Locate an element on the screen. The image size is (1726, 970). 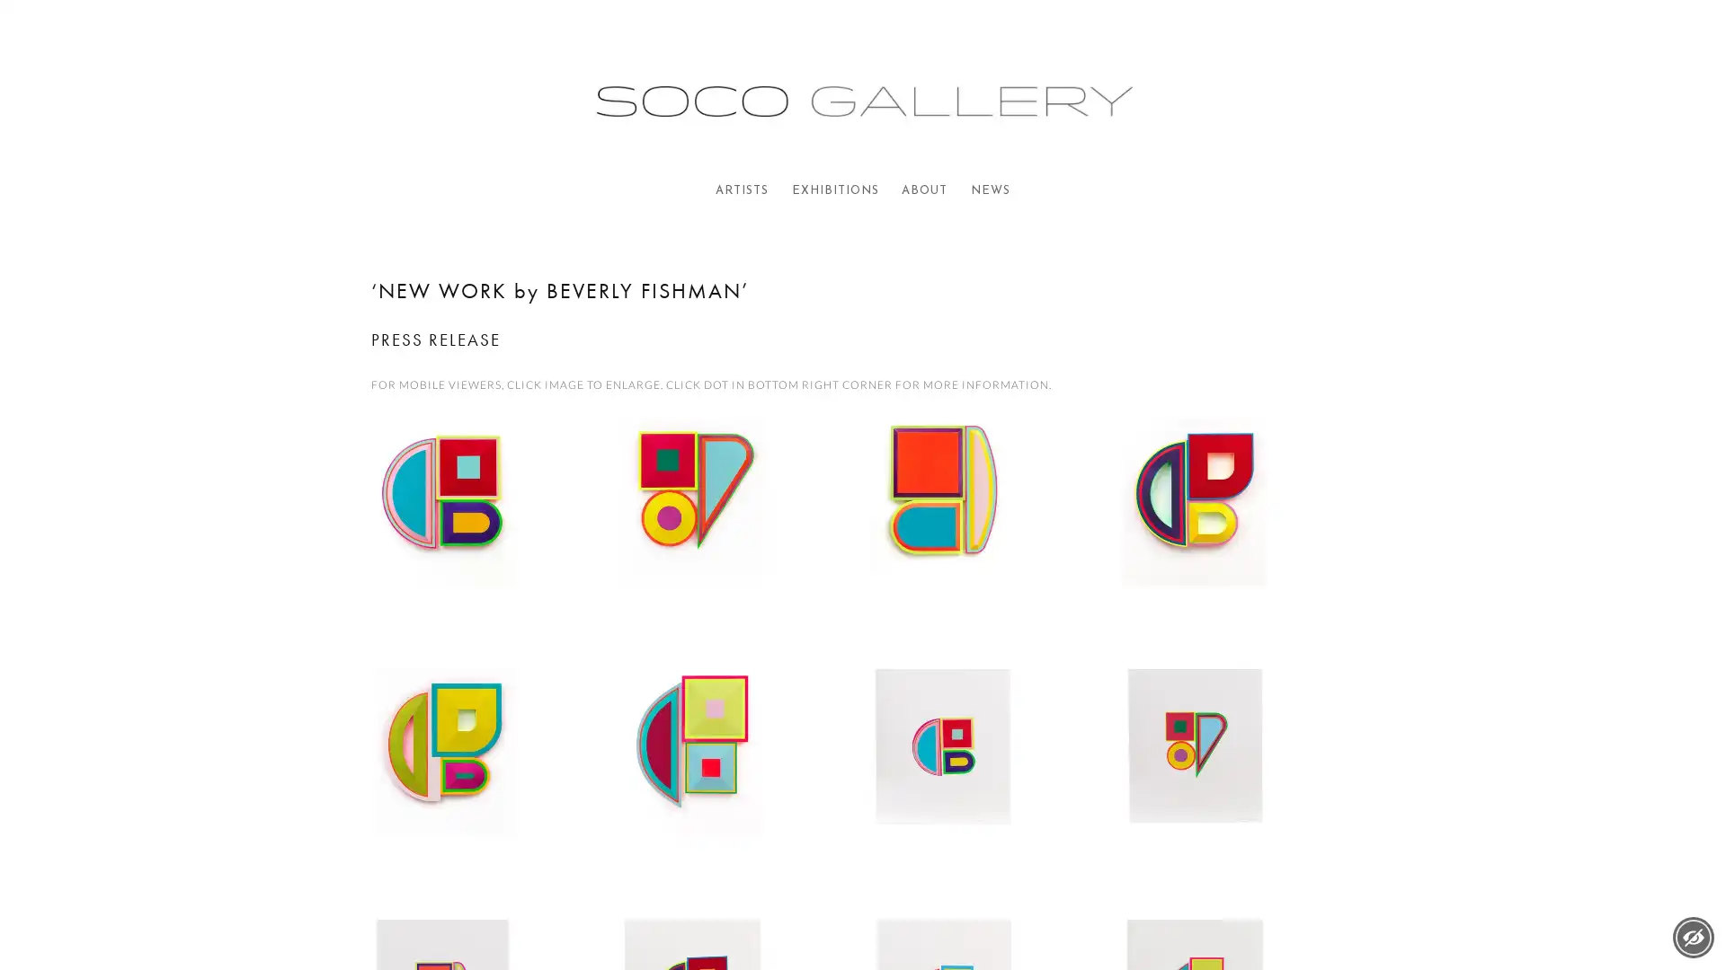
View fullsize BEVERLY FISHMAN Untitled , 2021 vinyl and paper collage on smooth acid free Bristol paper 17 x 14 inches INQUIRE + is located at coordinates (1237, 783).